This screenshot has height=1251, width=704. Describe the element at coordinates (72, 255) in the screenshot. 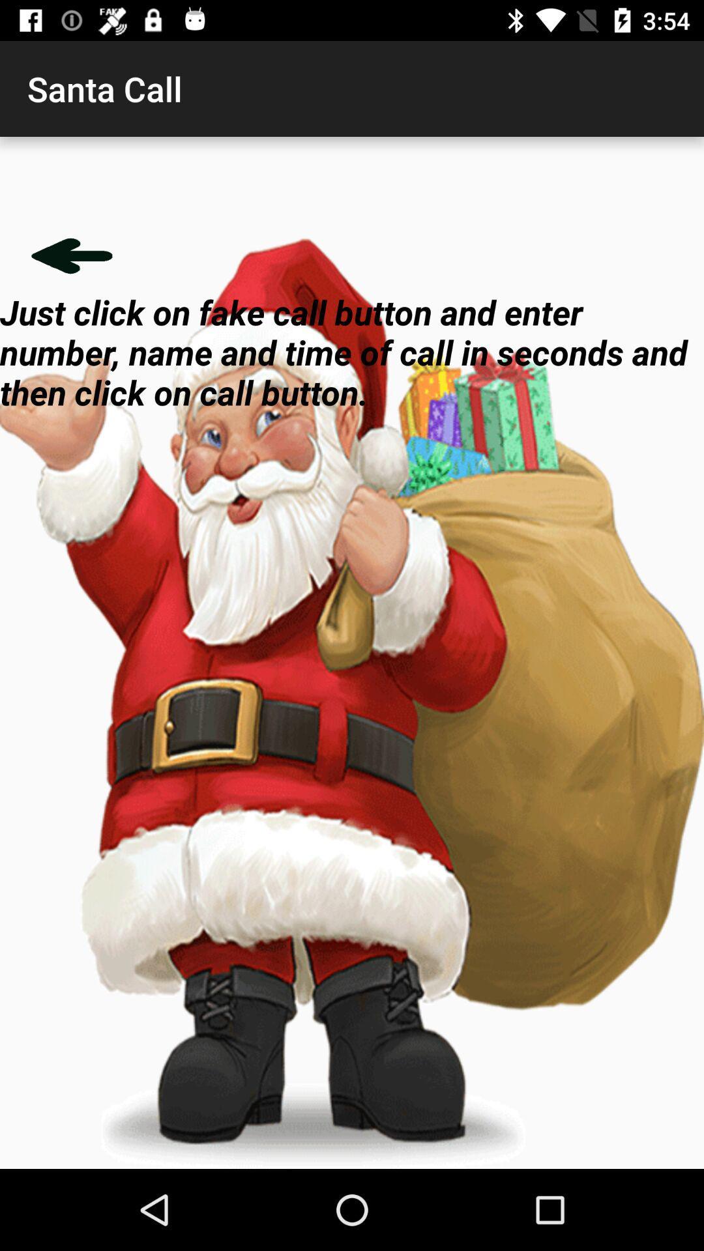

I see `go back` at that location.